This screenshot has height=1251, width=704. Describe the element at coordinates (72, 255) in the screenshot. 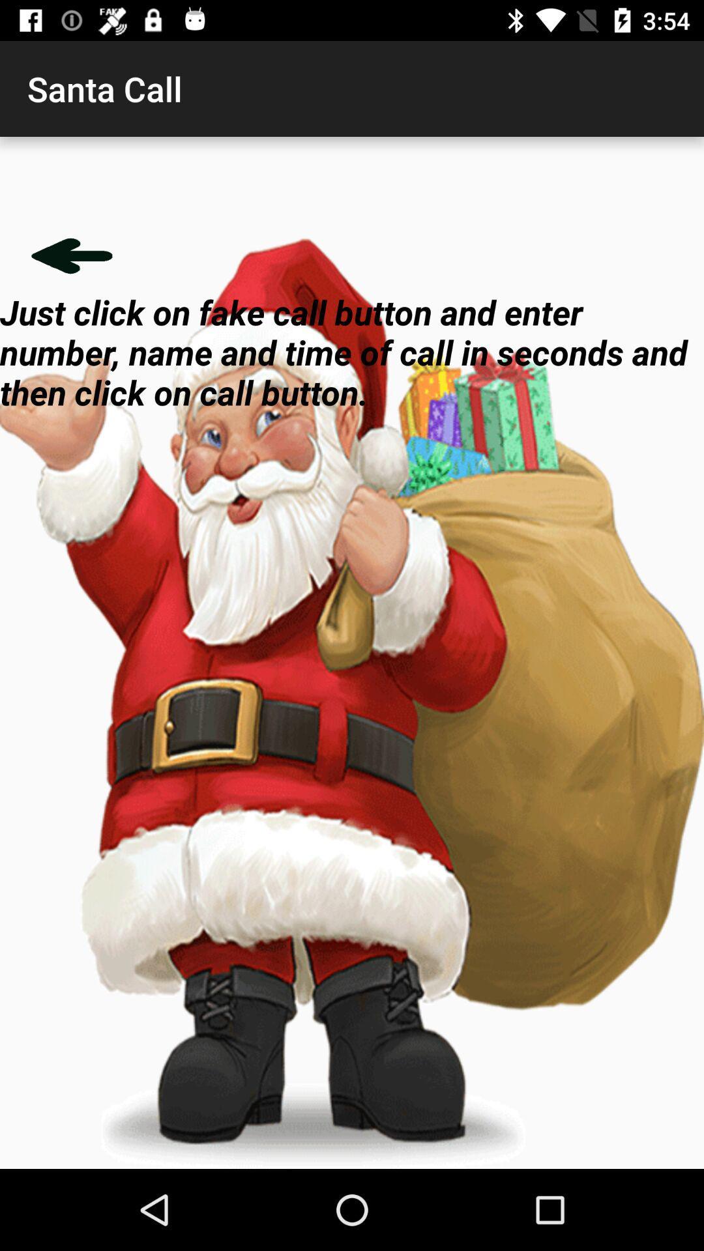

I see `go back` at that location.